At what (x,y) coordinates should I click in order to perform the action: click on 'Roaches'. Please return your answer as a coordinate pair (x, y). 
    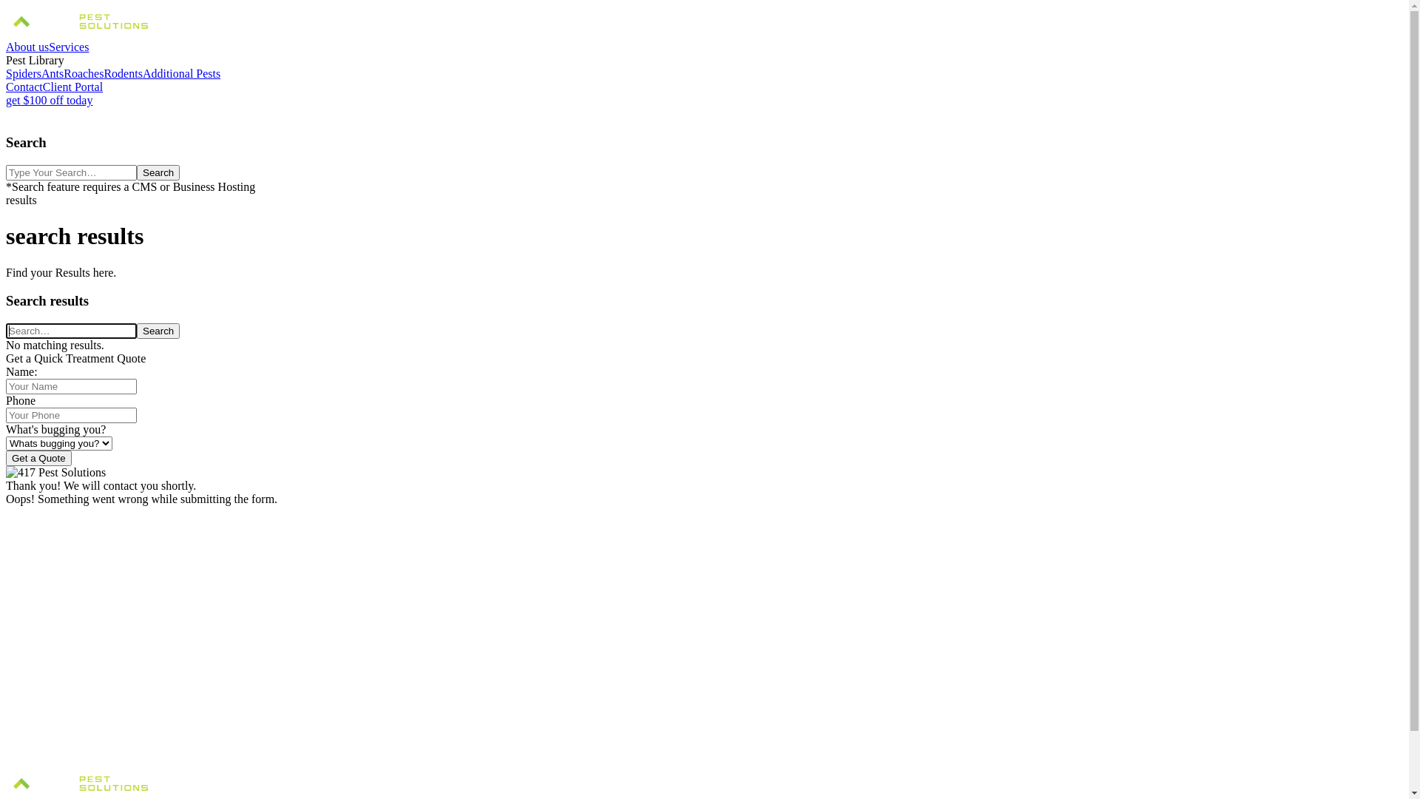
    Looking at the image, I should click on (83, 73).